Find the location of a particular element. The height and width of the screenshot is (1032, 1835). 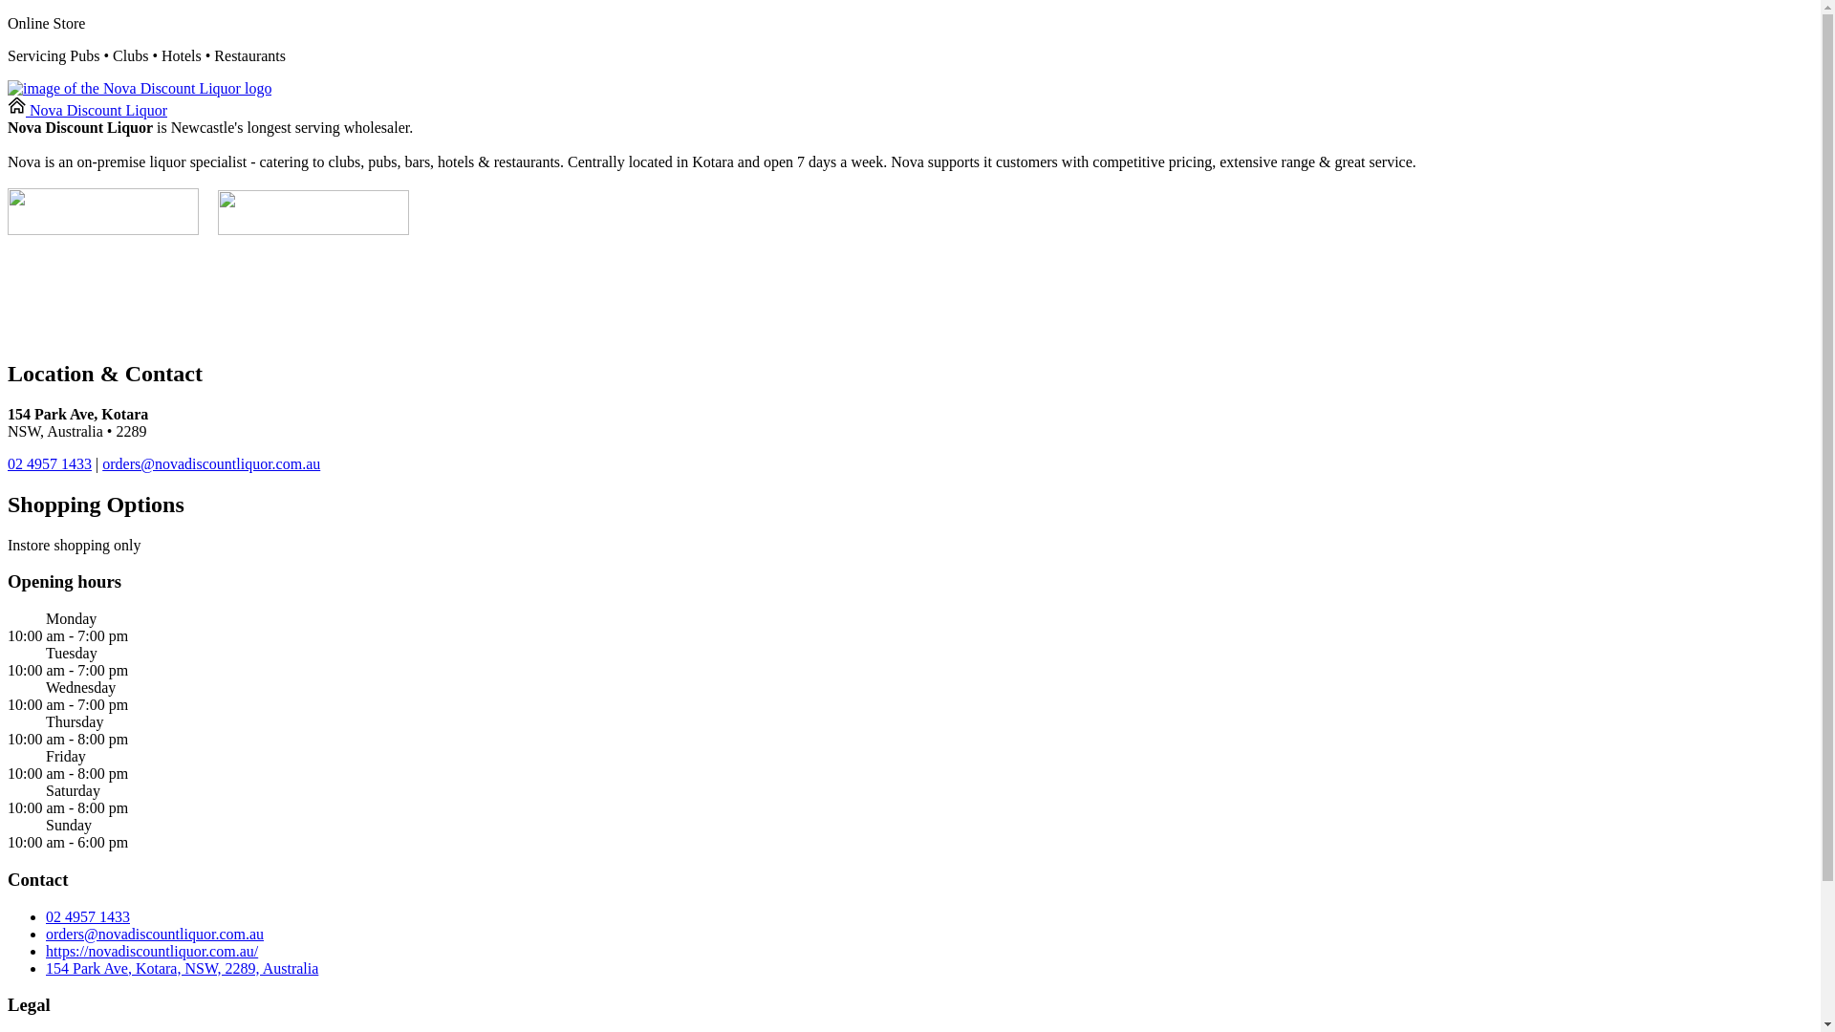

'orders@novadiscountliquor.com.au' is located at coordinates (155, 932).